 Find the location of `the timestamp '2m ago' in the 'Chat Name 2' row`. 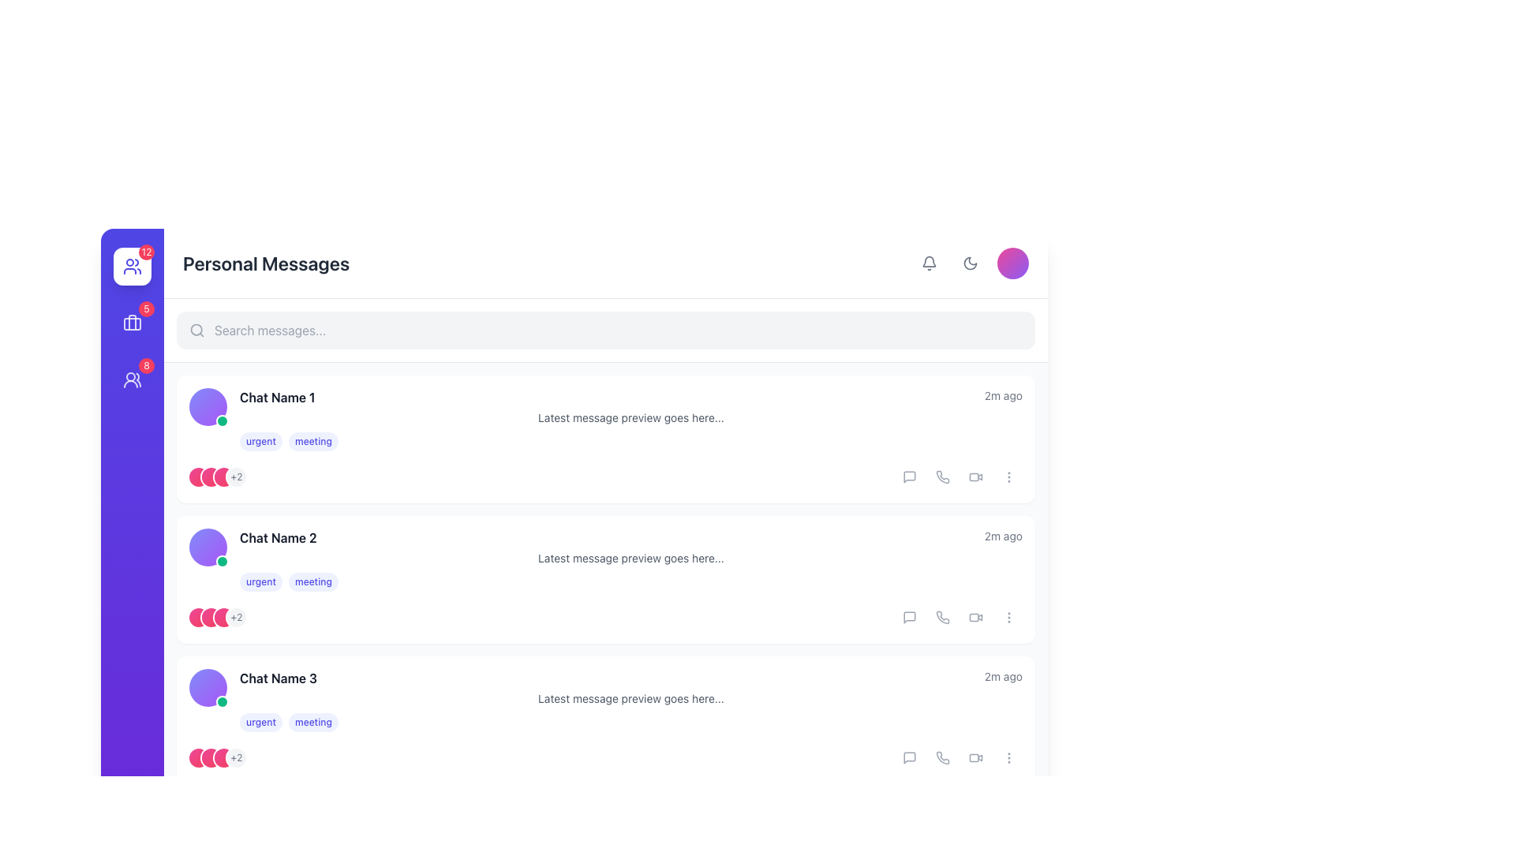

the timestamp '2m ago' in the 'Chat Name 2' row is located at coordinates (631, 537).